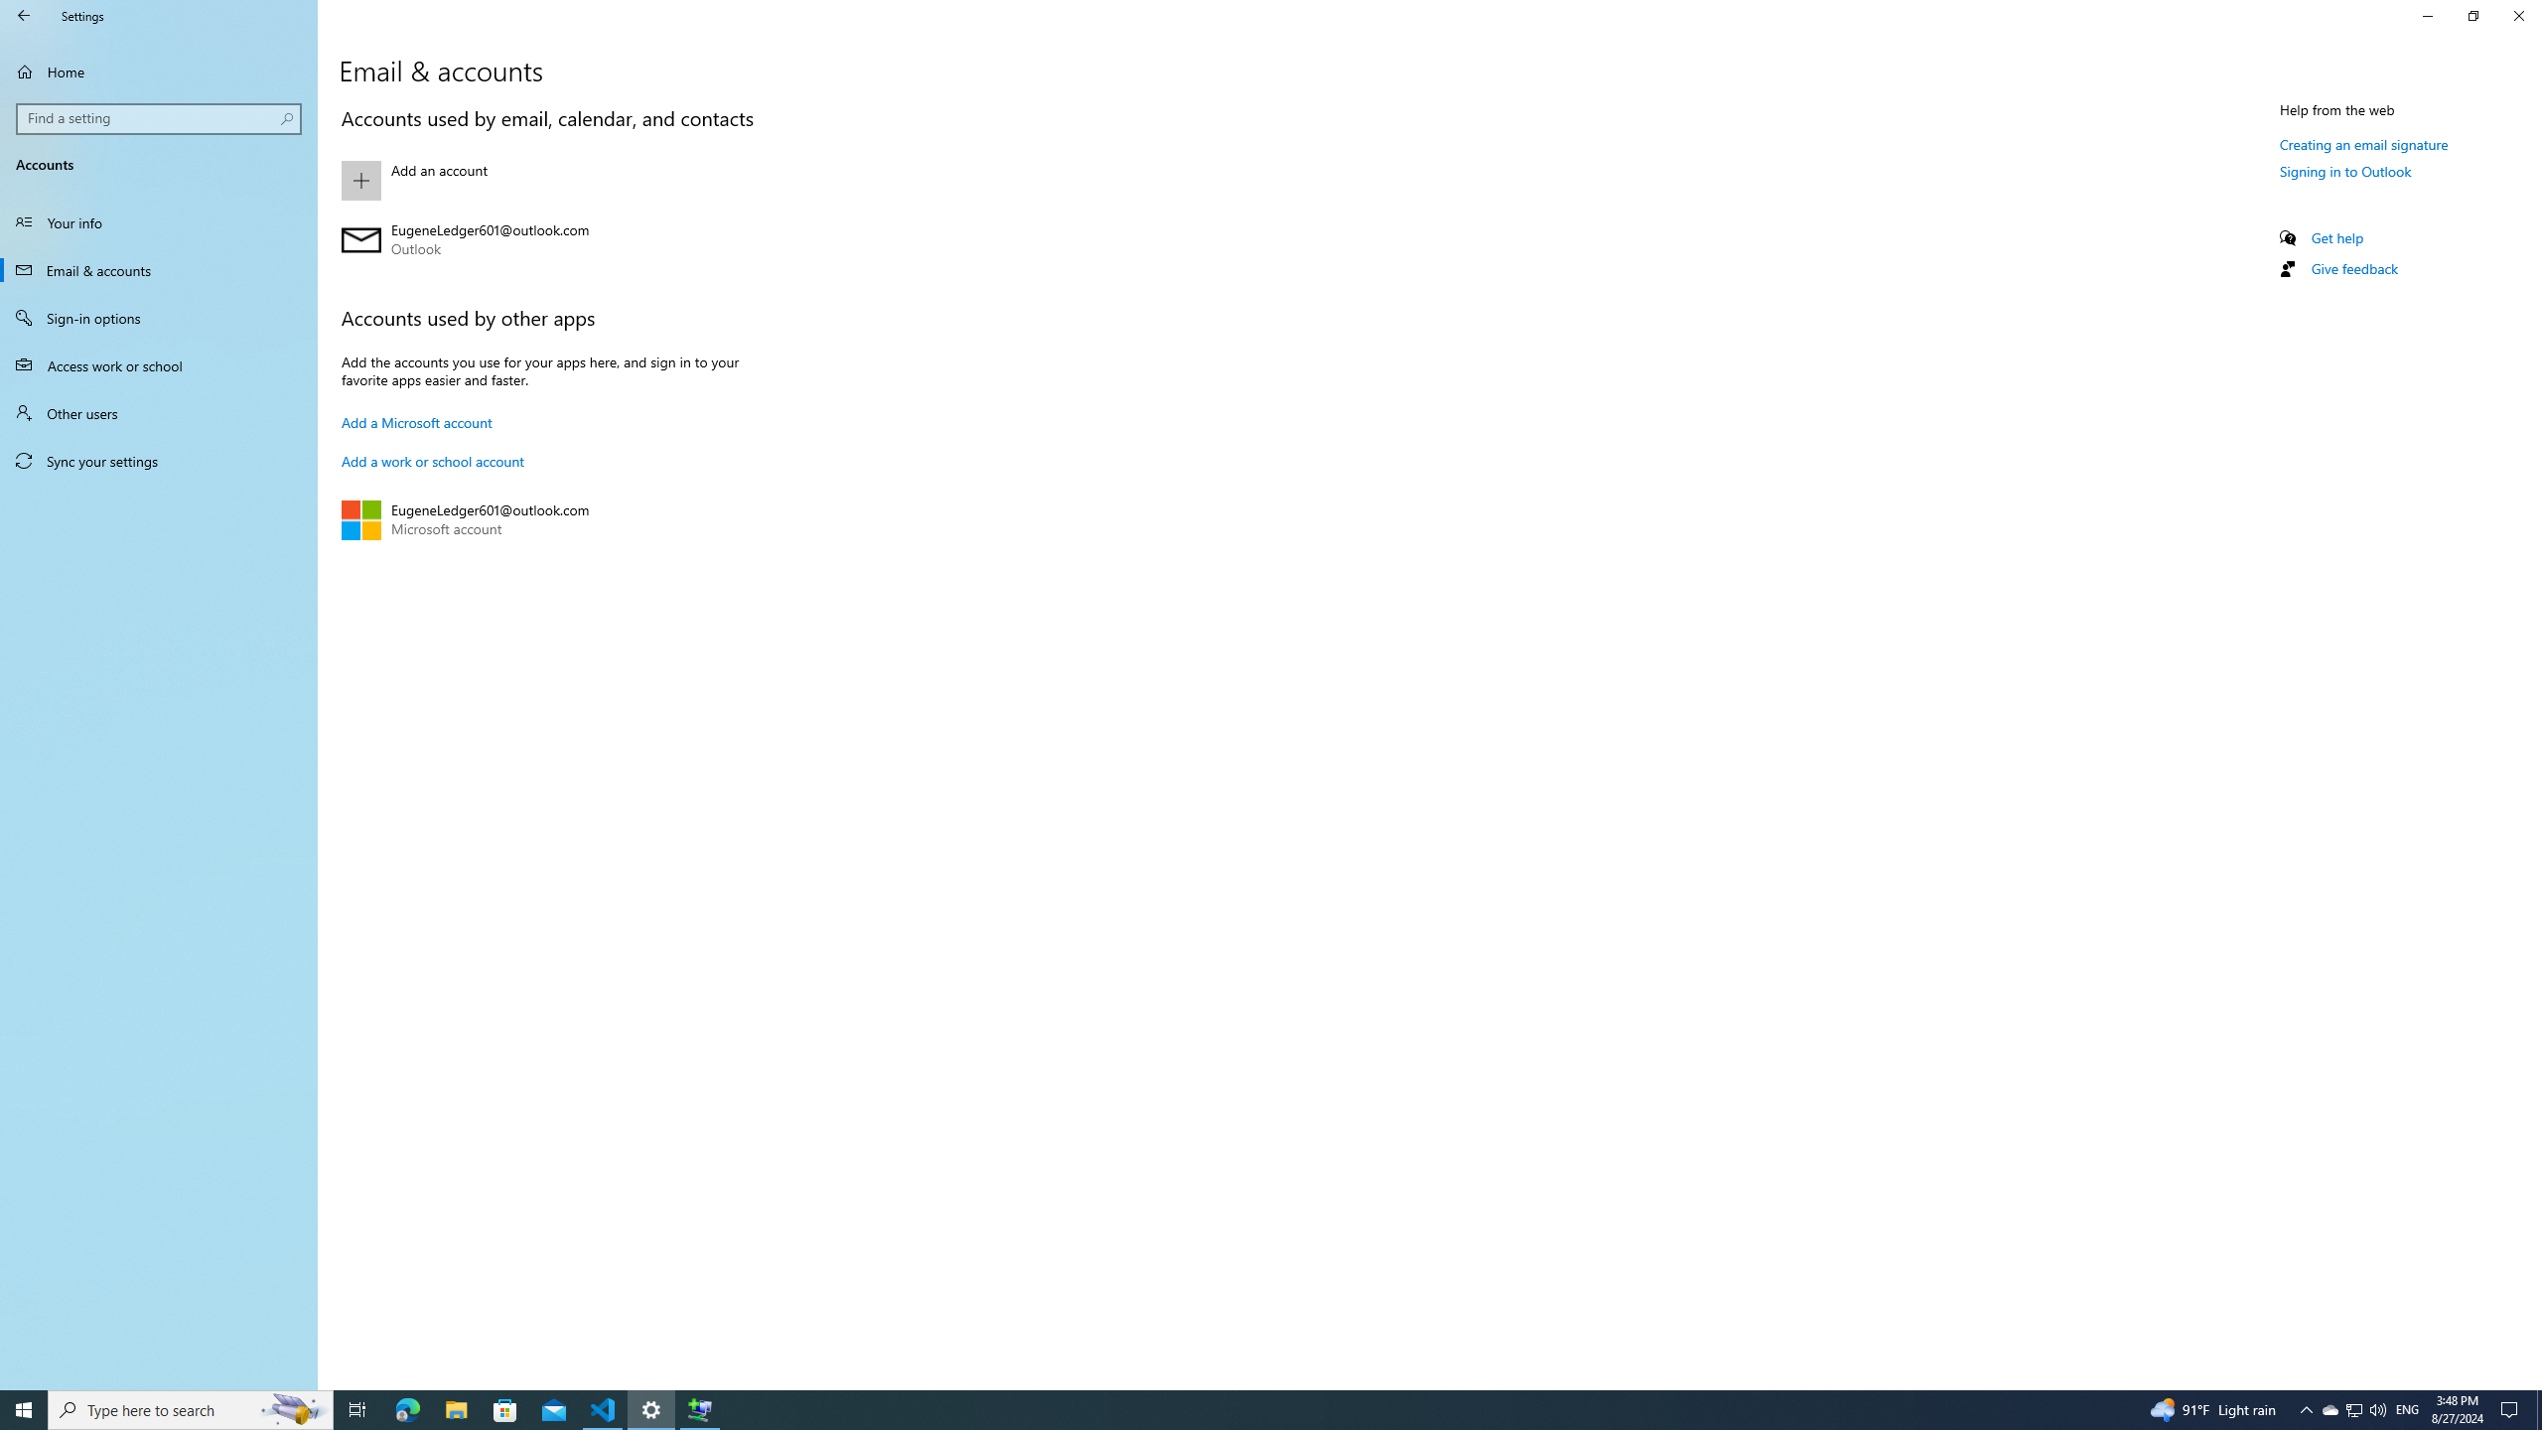 The height and width of the screenshot is (1430, 2542). I want to click on 'Home', so click(158, 71).